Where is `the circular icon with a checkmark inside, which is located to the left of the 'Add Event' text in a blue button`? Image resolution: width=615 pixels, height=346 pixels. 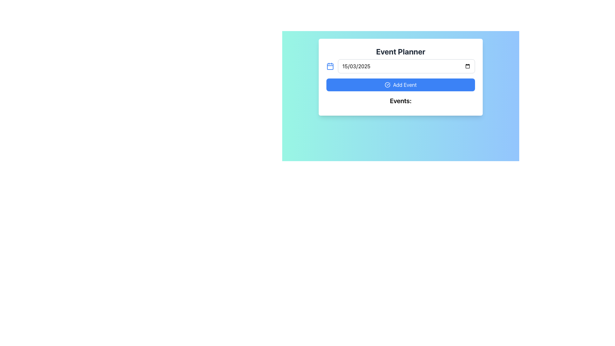 the circular icon with a checkmark inside, which is located to the left of the 'Add Event' text in a blue button is located at coordinates (387, 85).